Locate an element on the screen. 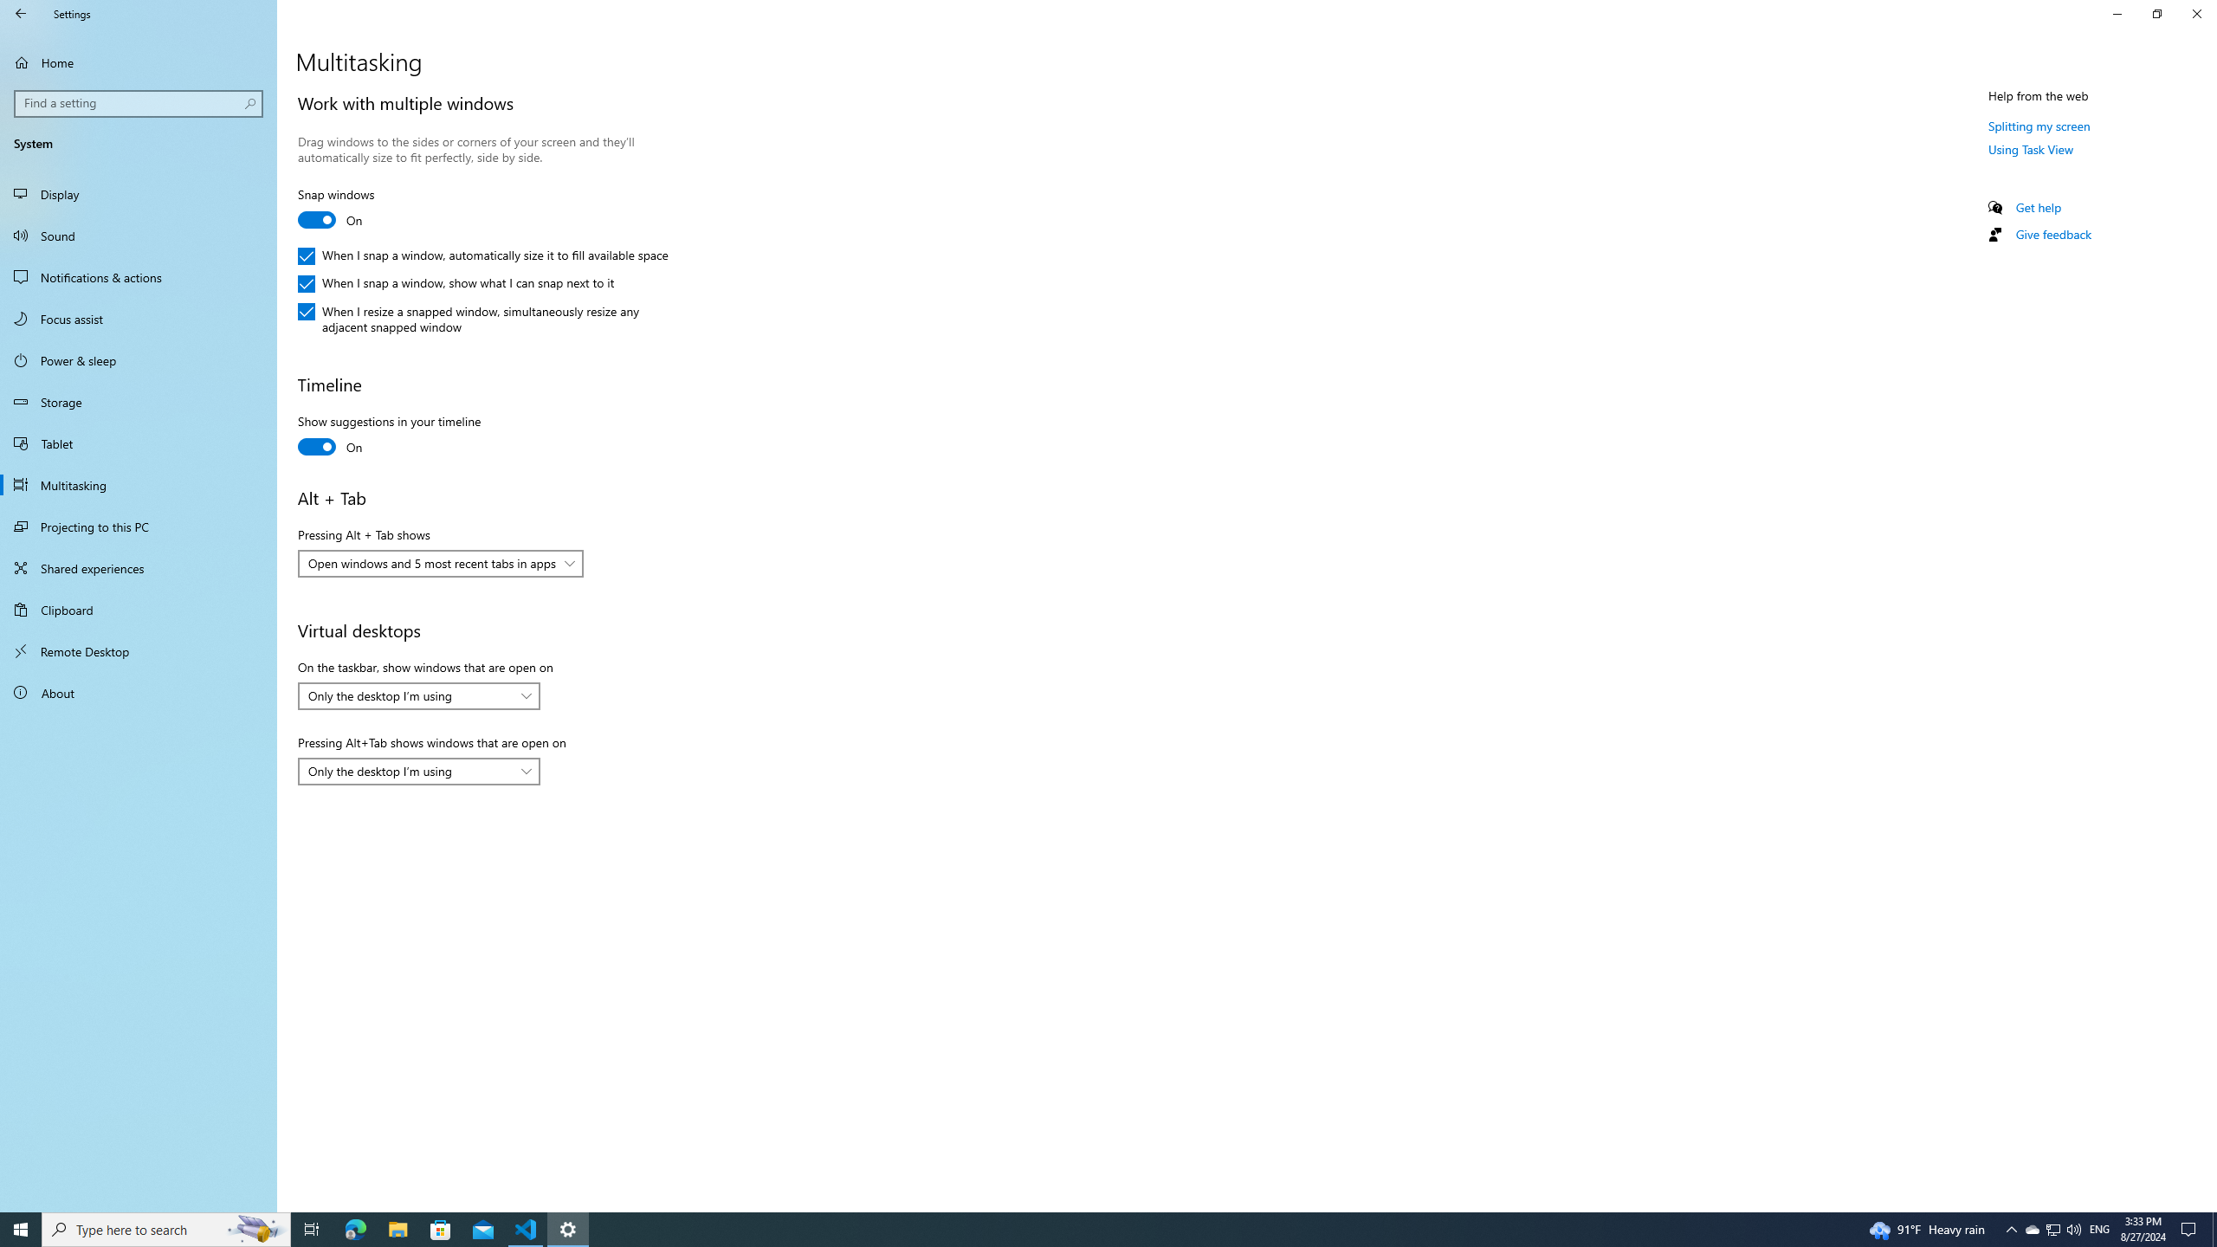 The height and width of the screenshot is (1247, 2217). 'Tablet' is located at coordinates (138, 442).